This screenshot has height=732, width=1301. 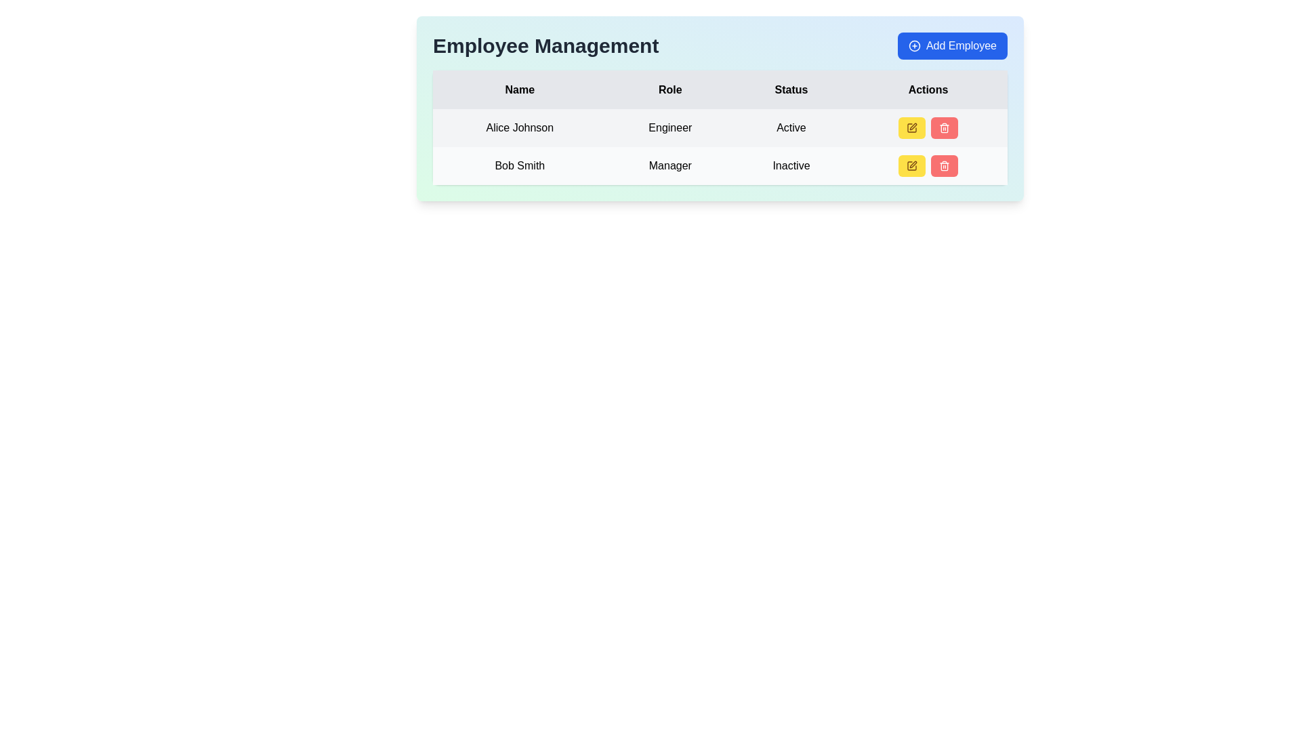 What do you see at coordinates (914, 45) in the screenshot?
I see `the '+' icon within the 'Add Employee' button located at the top-right corner of the interface` at bounding box center [914, 45].